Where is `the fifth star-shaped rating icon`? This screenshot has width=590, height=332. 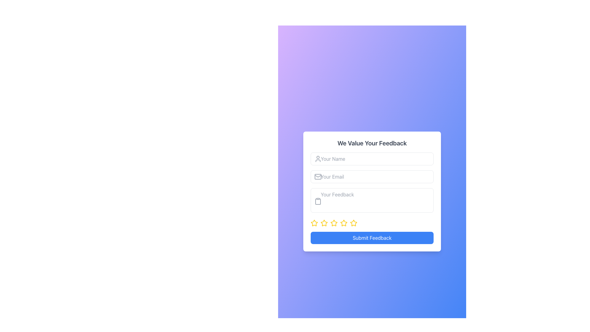 the fifth star-shaped rating icon is located at coordinates (353, 223).